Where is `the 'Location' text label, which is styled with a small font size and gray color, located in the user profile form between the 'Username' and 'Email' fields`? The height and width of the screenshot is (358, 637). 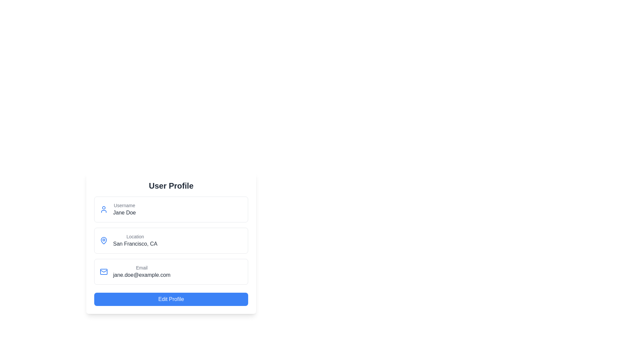 the 'Location' text label, which is styled with a small font size and gray color, located in the user profile form between the 'Username' and 'Email' fields is located at coordinates (135, 236).